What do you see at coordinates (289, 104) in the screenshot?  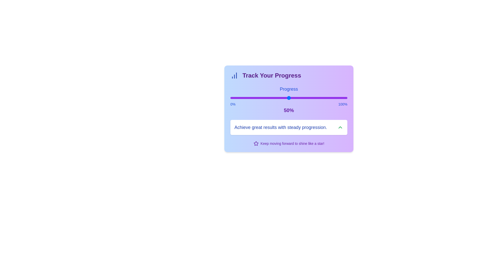 I see `the labeled text group representing the bounds of the range slider, which indicates the minimum ('0%') and maximum ('100%') values for the slider positioned above it` at bounding box center [289, 104].